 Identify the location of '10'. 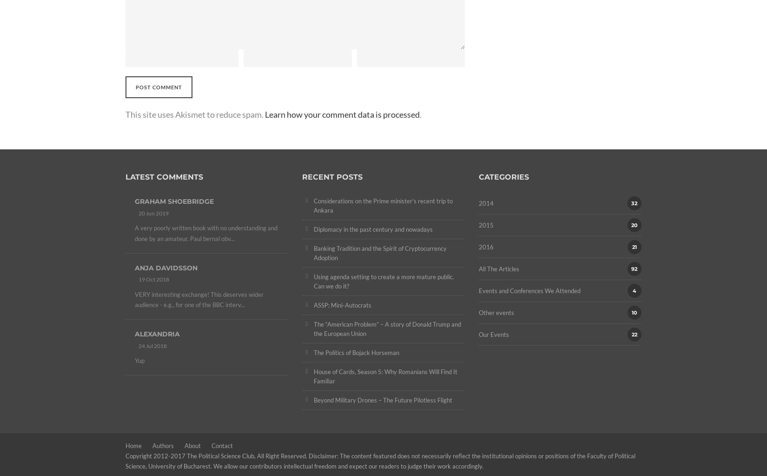
(634, 312).